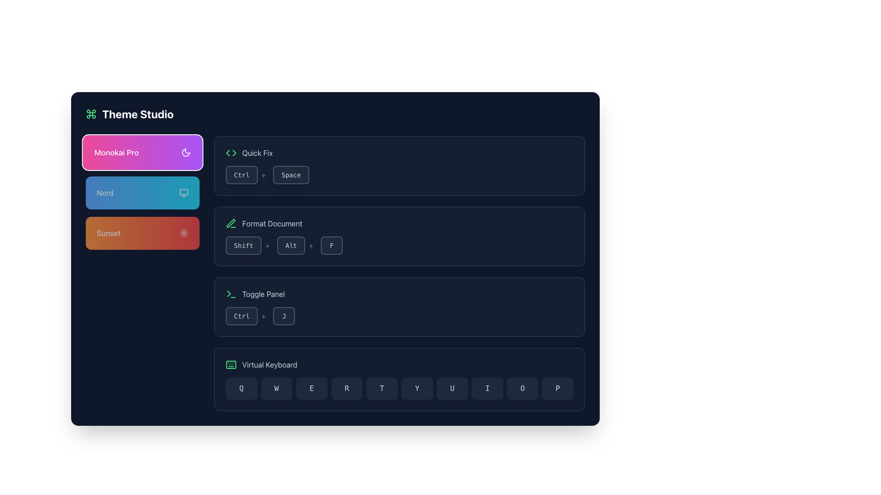  Describe the element at coordinates (231, 294) in the screenshot. I see `the terminal-related icon located to the left of the 'Toggle Panel' text` at that location.